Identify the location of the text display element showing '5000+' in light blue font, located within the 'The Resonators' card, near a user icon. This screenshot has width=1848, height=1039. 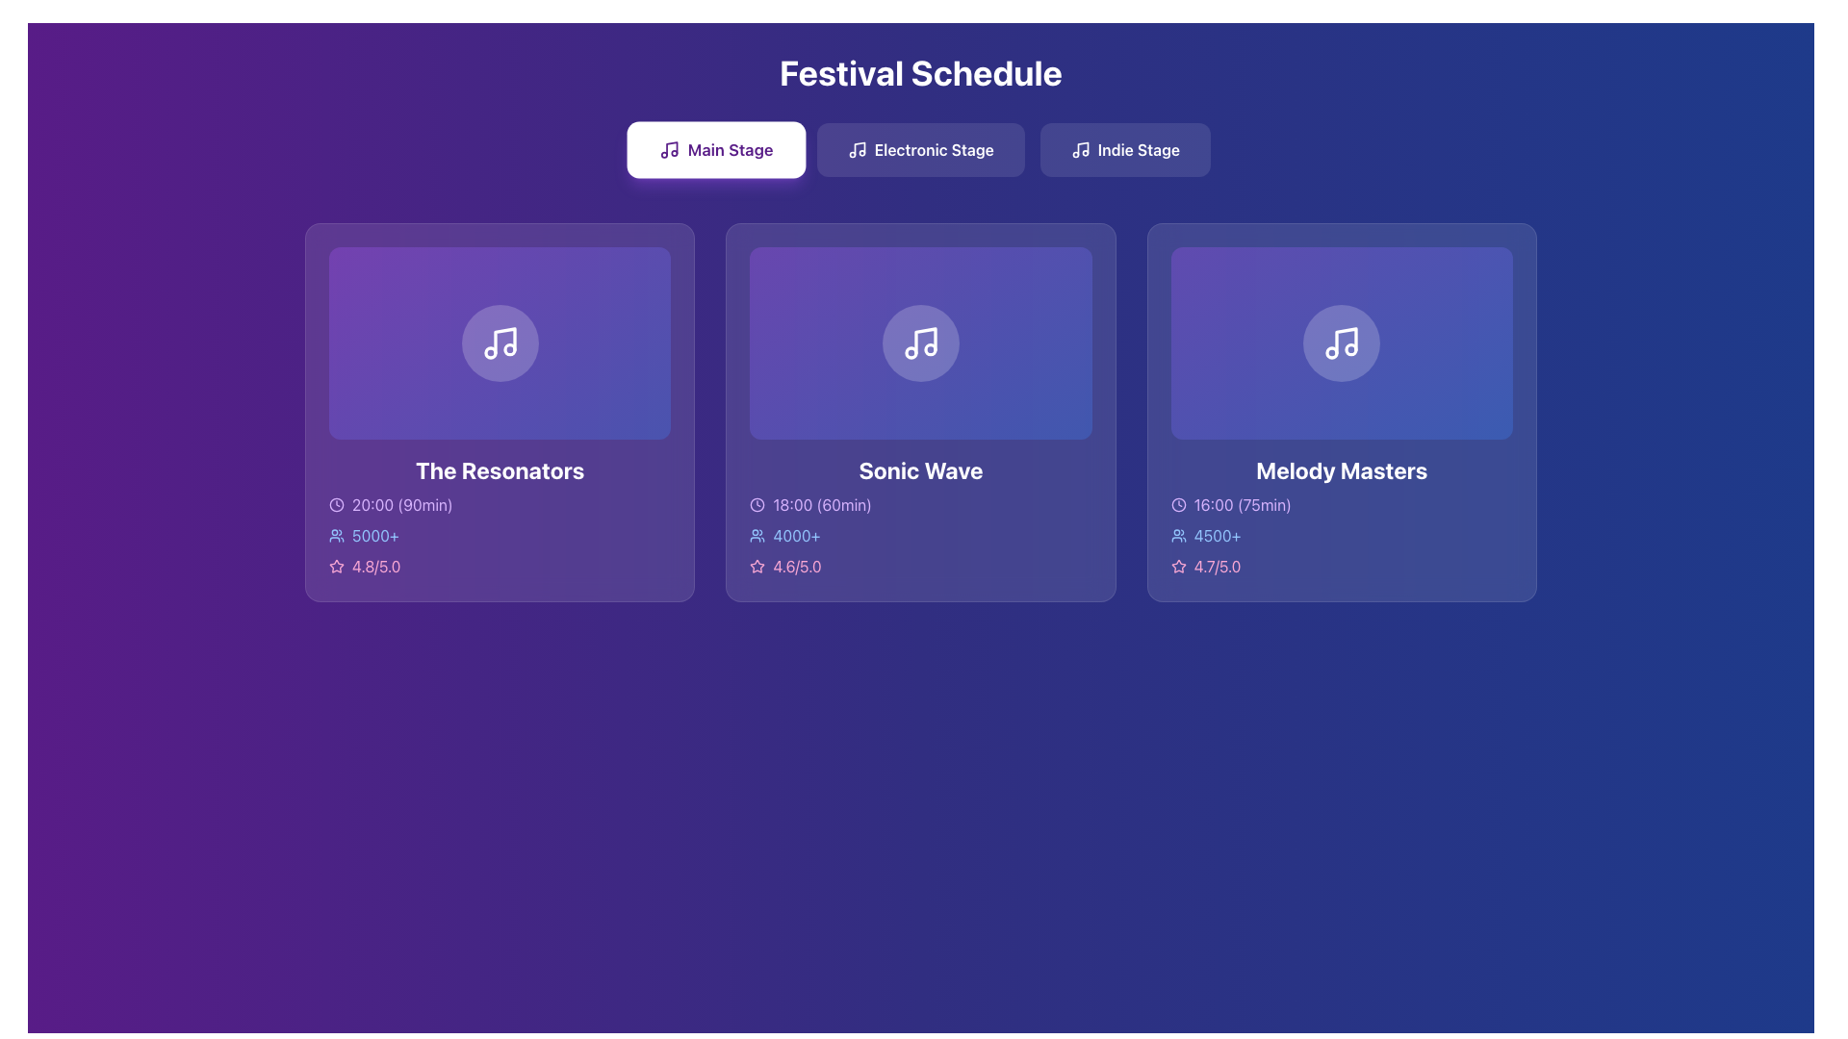
(375, 535).